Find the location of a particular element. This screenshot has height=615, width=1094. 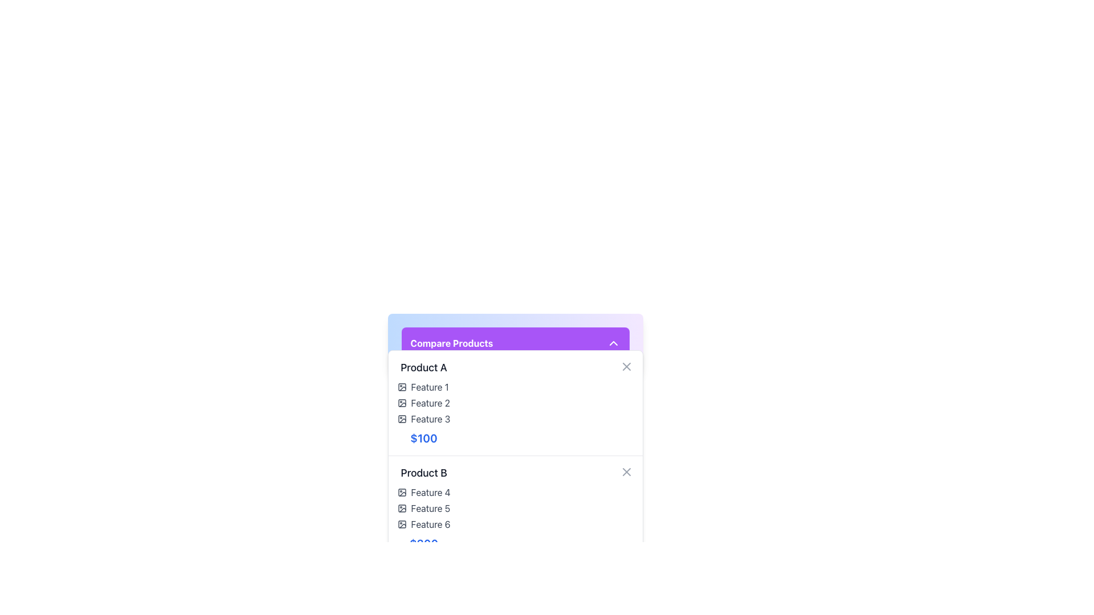

the features or price of the first product entry in the comparison card is located at coordinates (423, 403).